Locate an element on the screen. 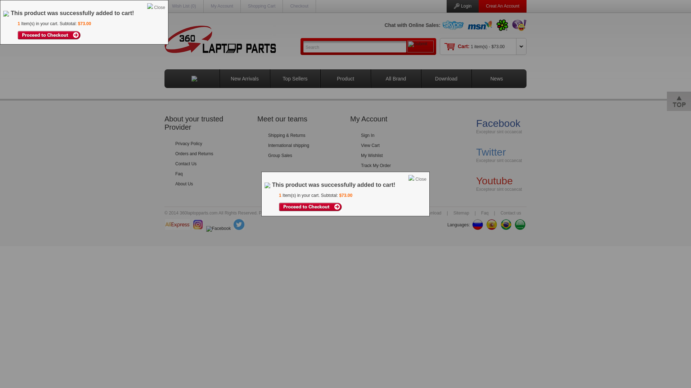 This screenshot has width=691, height=388. '360 laptop parts limited a laptop parts supplyer.' is located at coordinates (164, 39).